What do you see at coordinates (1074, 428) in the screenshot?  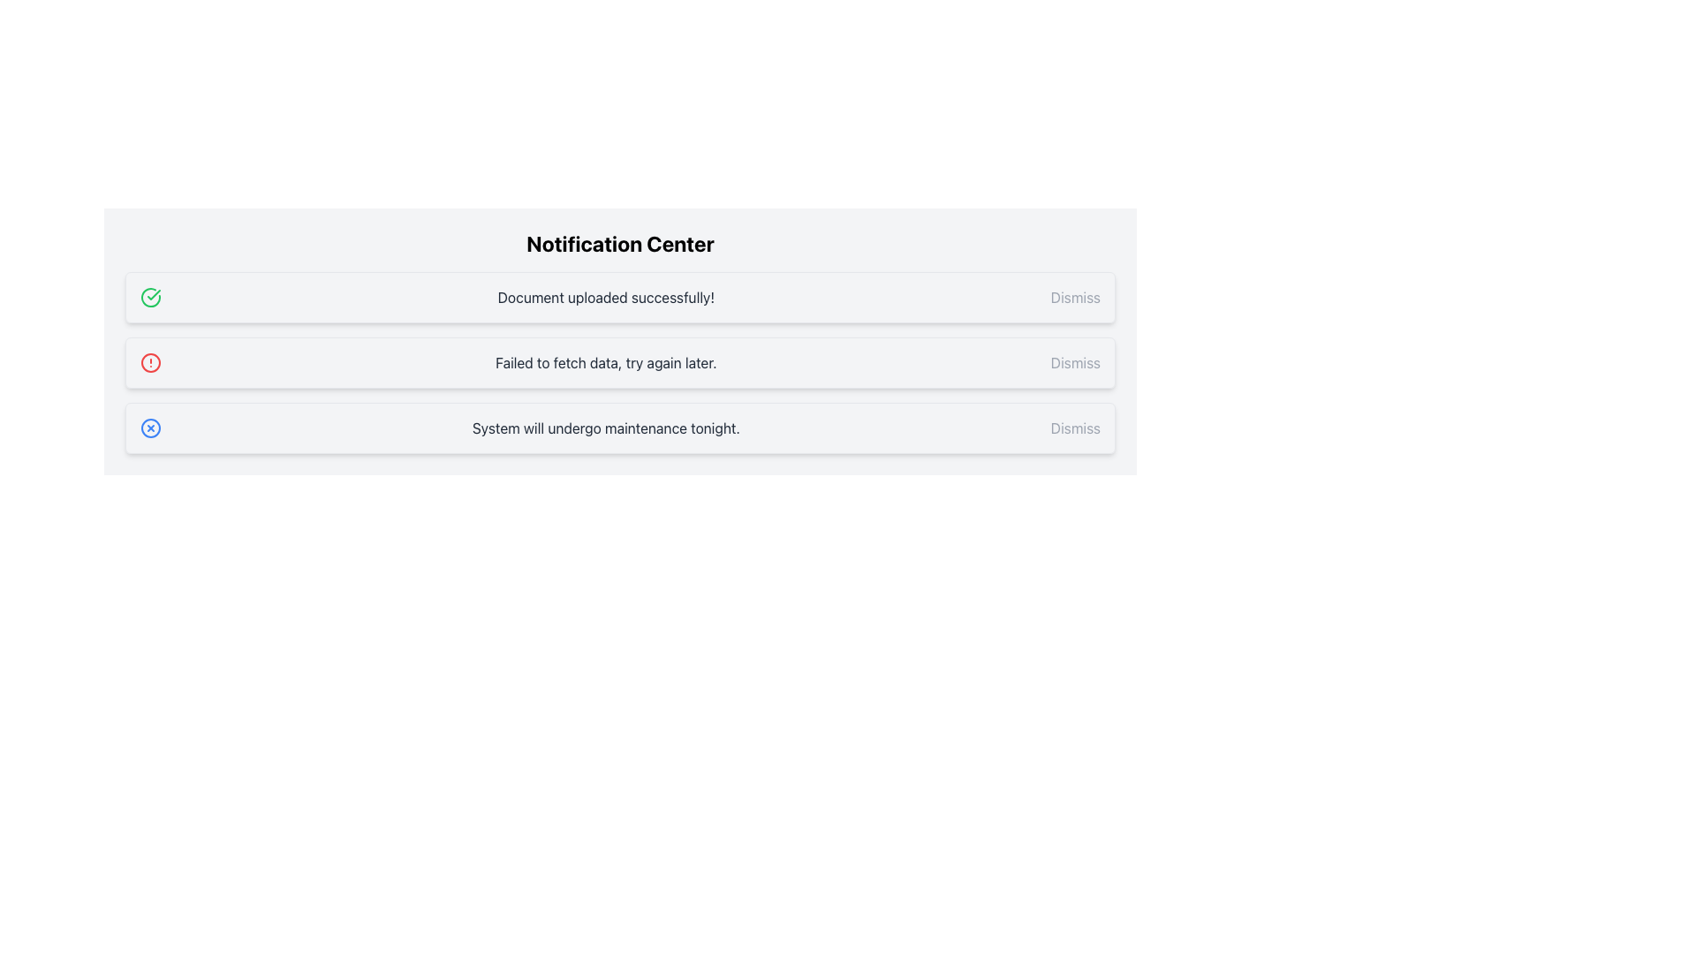 I see `the dismiss button located at the far right of the notification row to change its color to red` at bounding box center [1074, 428].